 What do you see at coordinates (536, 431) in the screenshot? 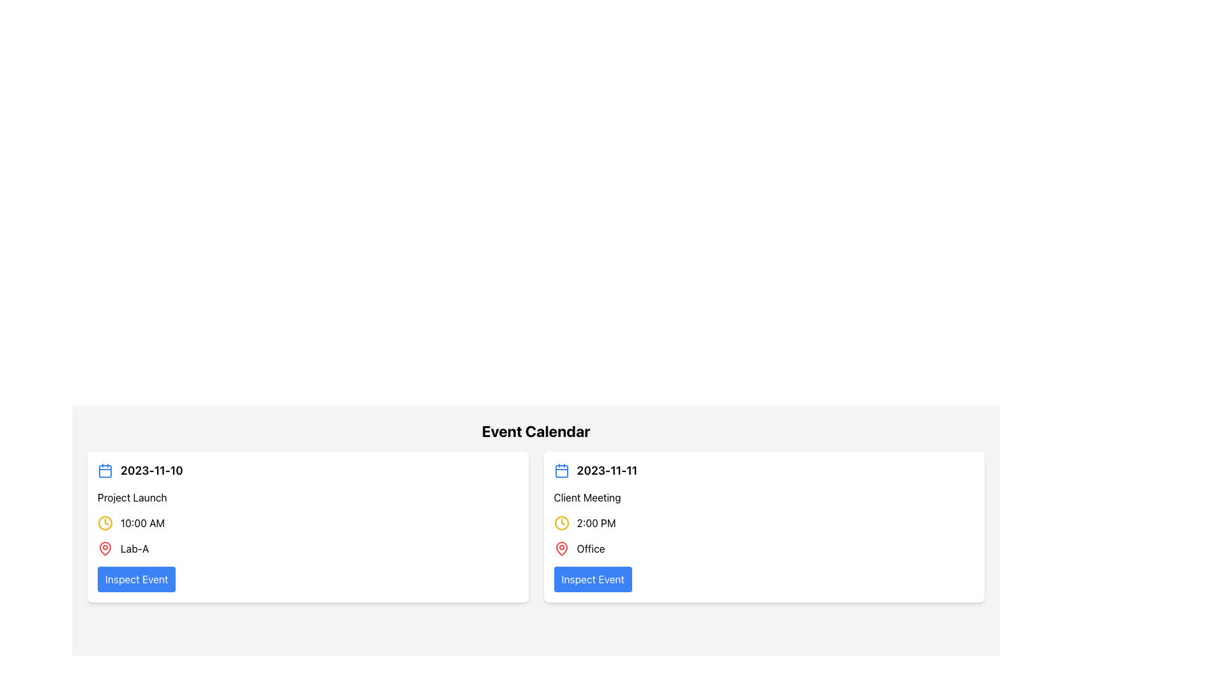
I see `text of the Text Header located at the top center of the calendar section, which serves as a title or label for the associated schedule` at bounding box center [536, 431].